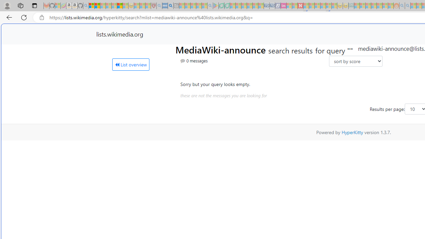 The image size is (425, 239). Describe the element at coordinates (120, 34) in the screenshot. I see `'lists.wikimedia.org'` at that location.